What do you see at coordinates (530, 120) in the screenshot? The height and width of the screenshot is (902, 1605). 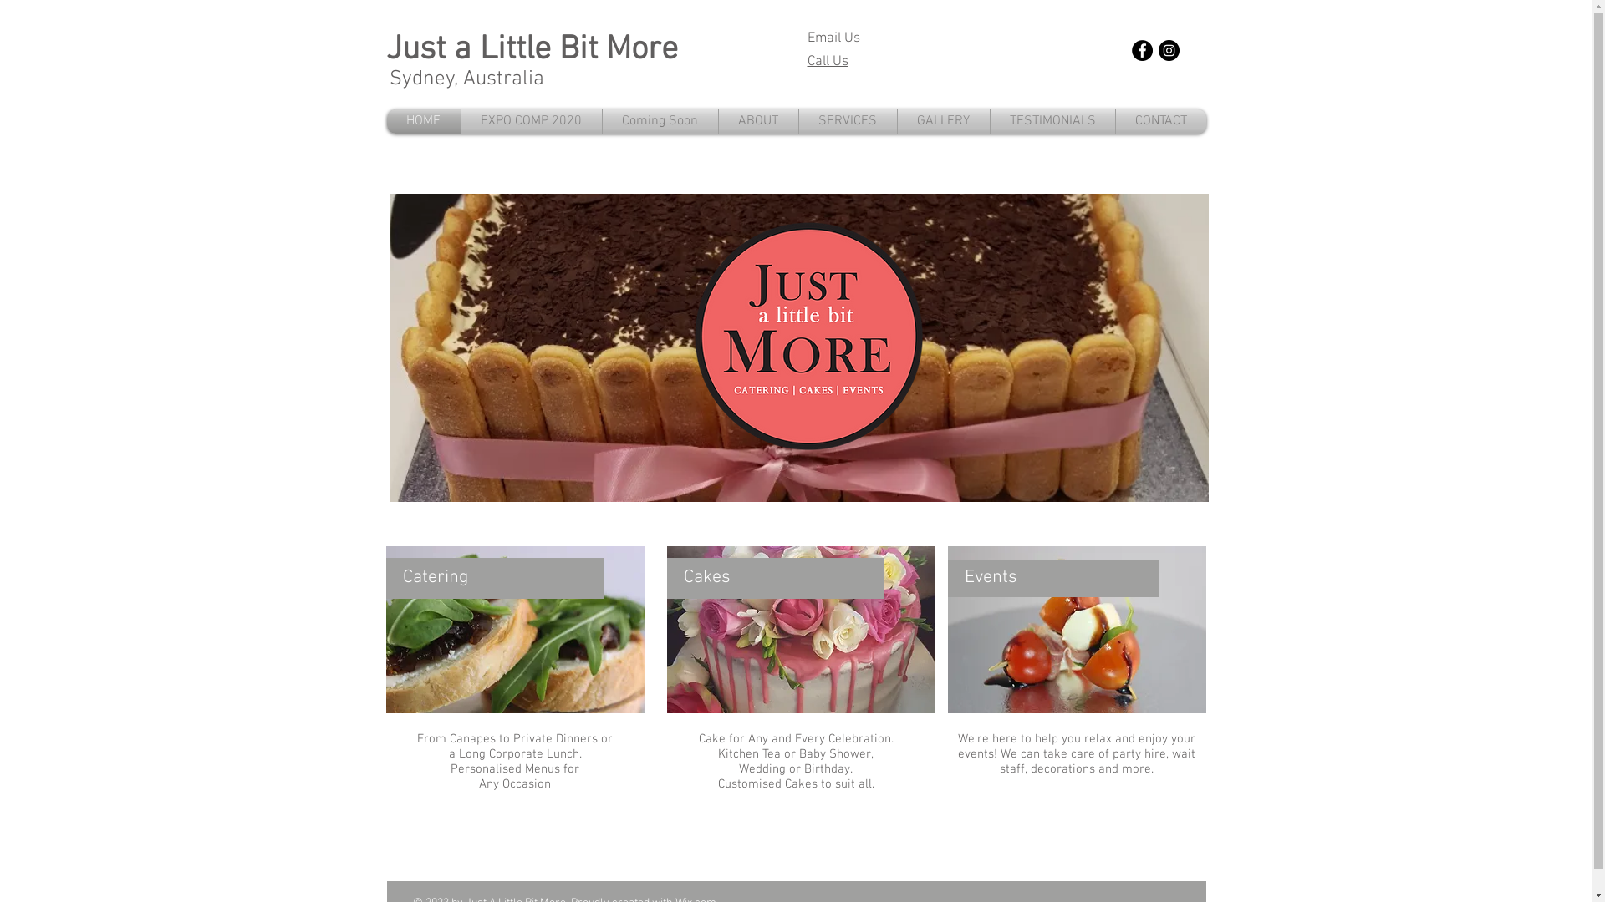 I see `'EXPO COMP 2020'` at bounding box center [530, 120].